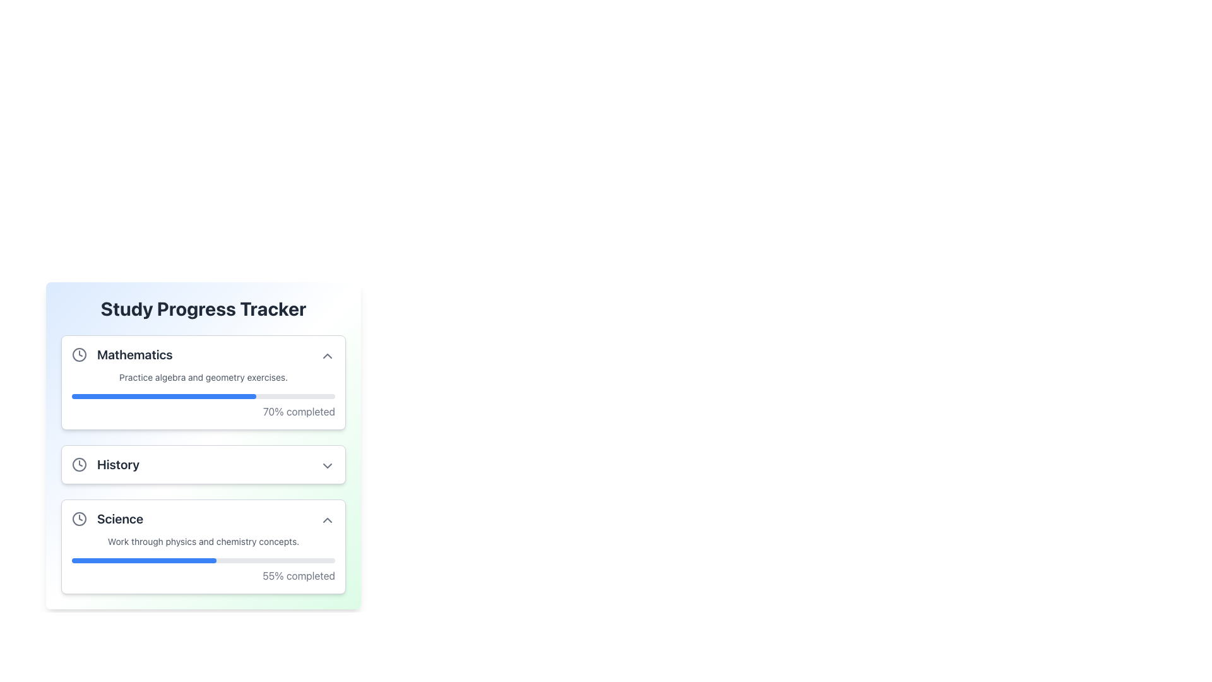 The height and width of the screenshot is (682, 1212). Describe the element at coordinates (203, 559) in the screenshot. I see `the progress bar labeled 'Work through physics and chemistry concepts'` at that location.